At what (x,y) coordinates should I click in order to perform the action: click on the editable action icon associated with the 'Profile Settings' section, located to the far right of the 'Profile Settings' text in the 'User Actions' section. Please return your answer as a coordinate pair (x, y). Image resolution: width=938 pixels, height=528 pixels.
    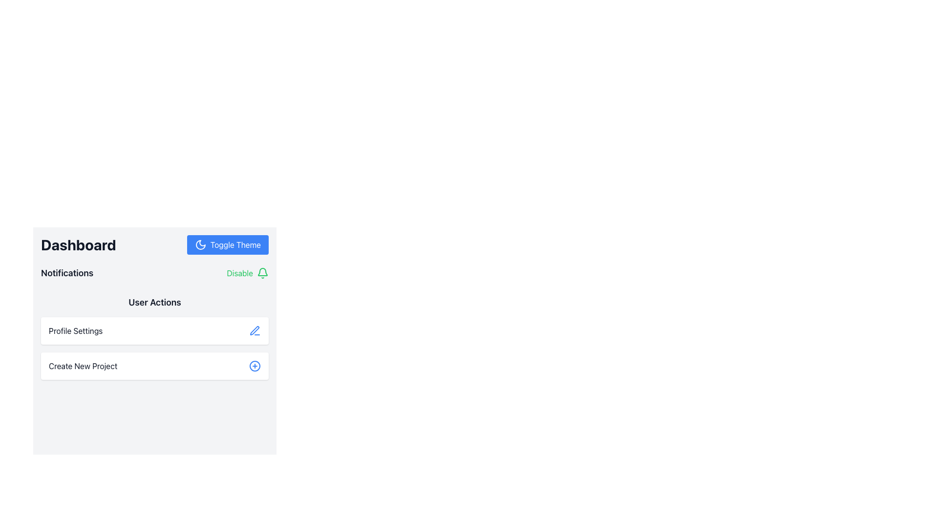
    Looking at the image, I should click on (255, 330).